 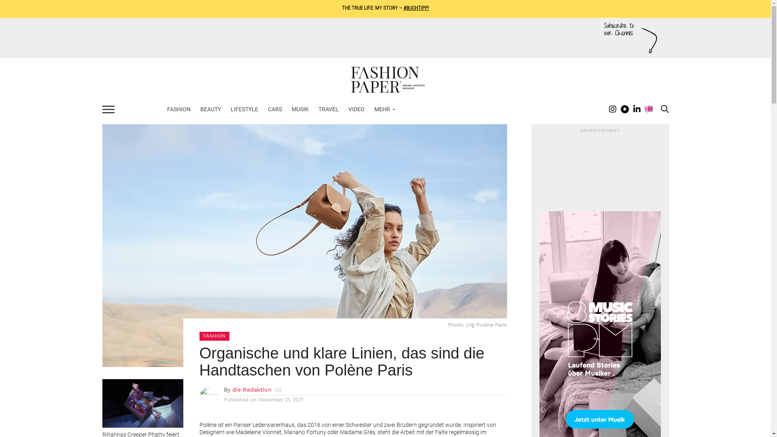 I want to click on '#BUCHTIPP!', so click(x=416, y=8).